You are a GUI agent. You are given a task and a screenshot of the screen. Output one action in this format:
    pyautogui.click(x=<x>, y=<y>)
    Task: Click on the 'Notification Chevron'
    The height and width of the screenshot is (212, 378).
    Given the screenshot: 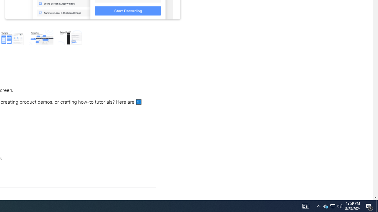 What is the action you would take?
    pyautogui.click(x=333, y=206)
    